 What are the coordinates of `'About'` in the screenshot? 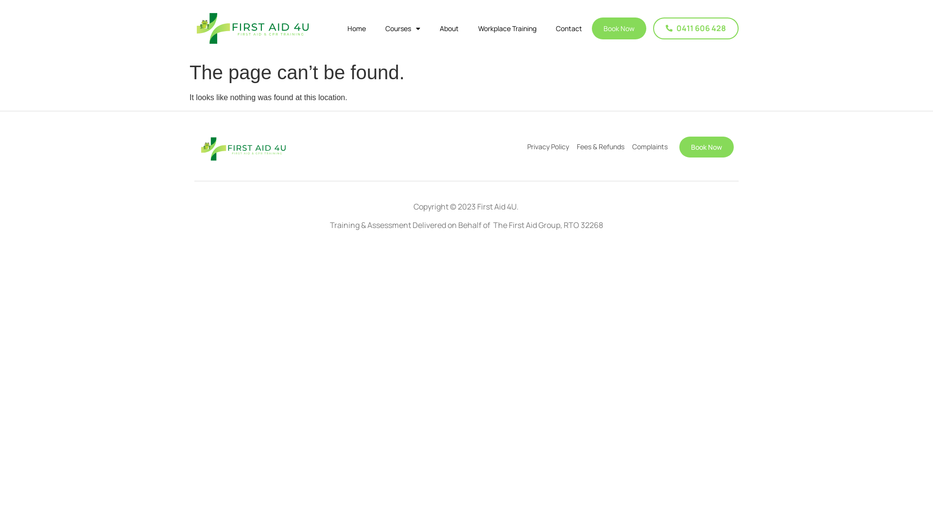 It's located at (449, 28).